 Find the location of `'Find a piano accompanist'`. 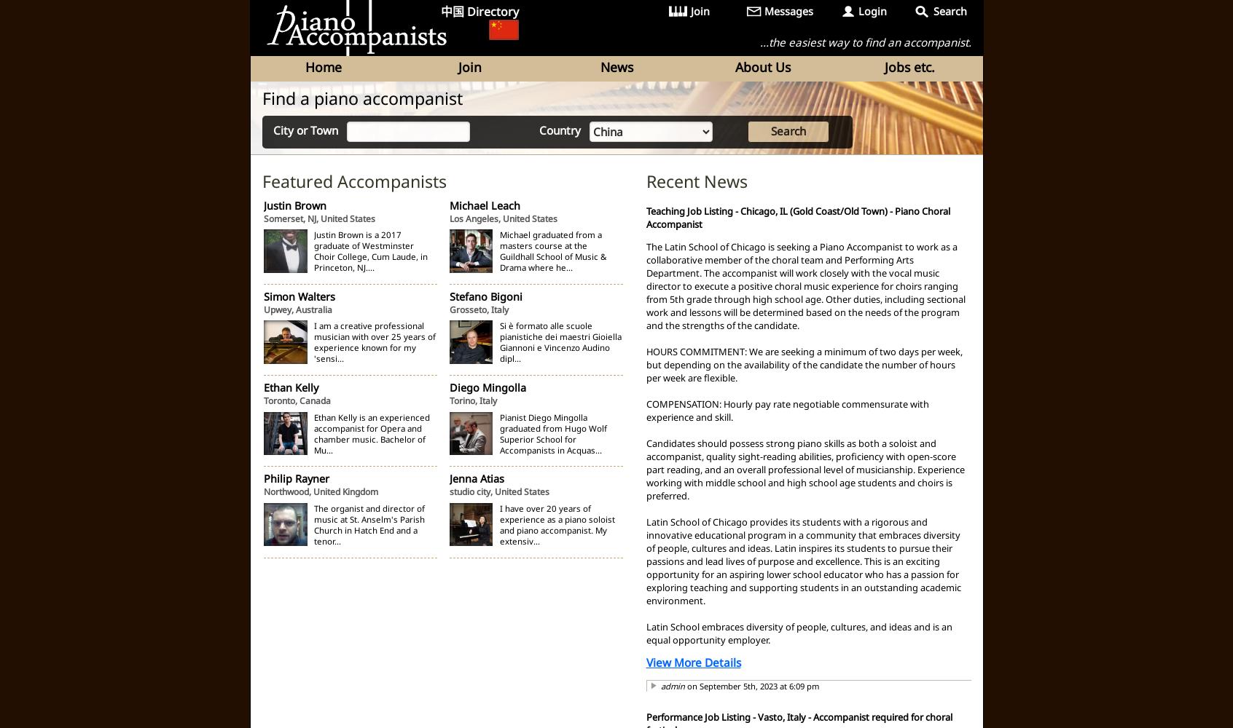

'Find a piano accompanist' is located at coordinates (361, 98).